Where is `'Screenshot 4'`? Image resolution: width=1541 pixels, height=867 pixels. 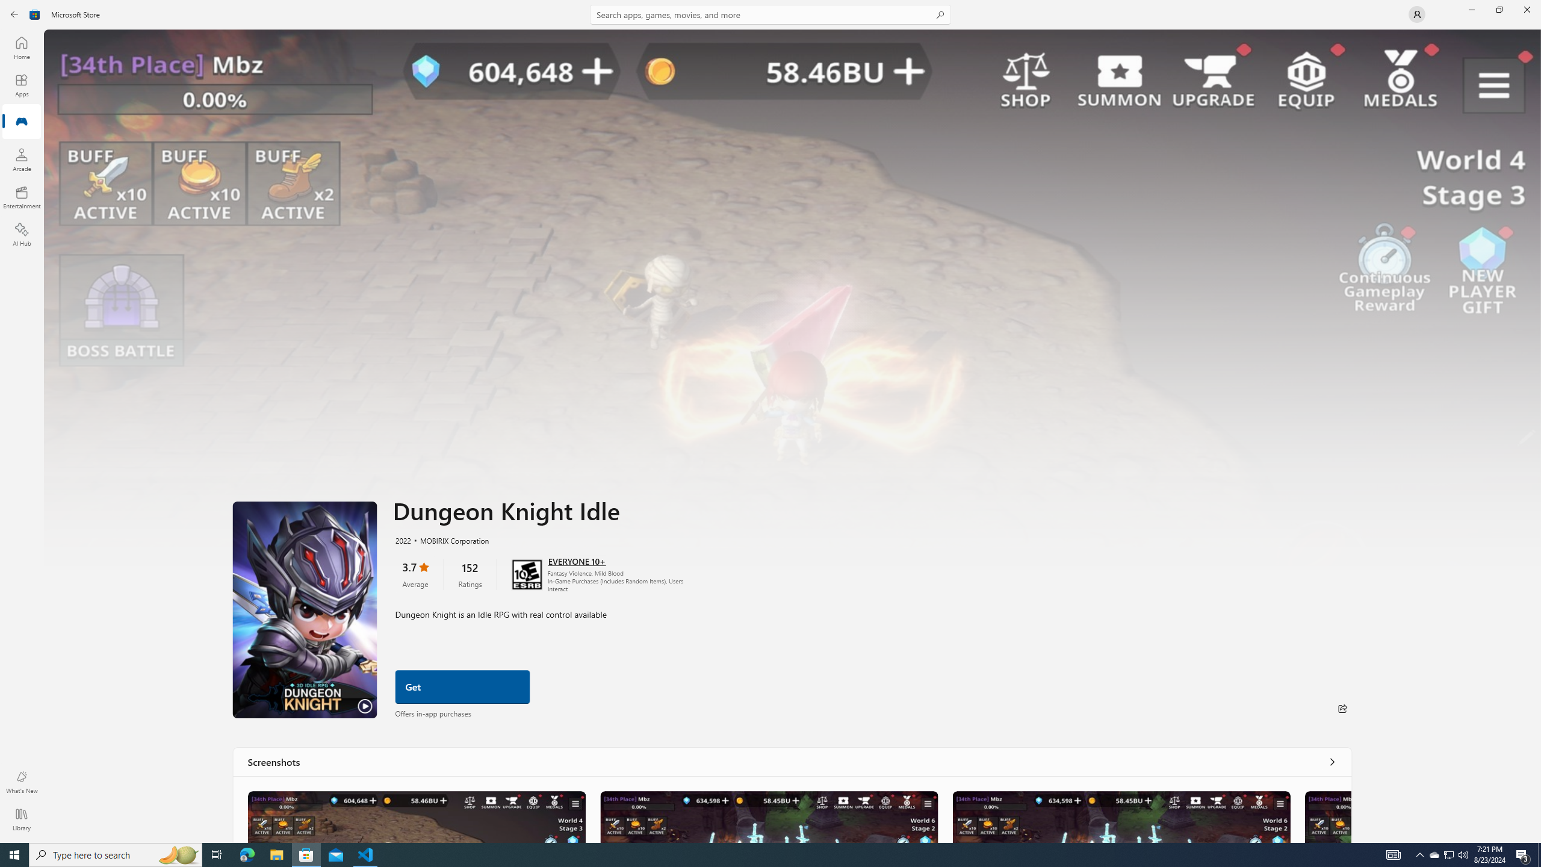
'Screenshot 4' is located at coordinates (1327, 816).